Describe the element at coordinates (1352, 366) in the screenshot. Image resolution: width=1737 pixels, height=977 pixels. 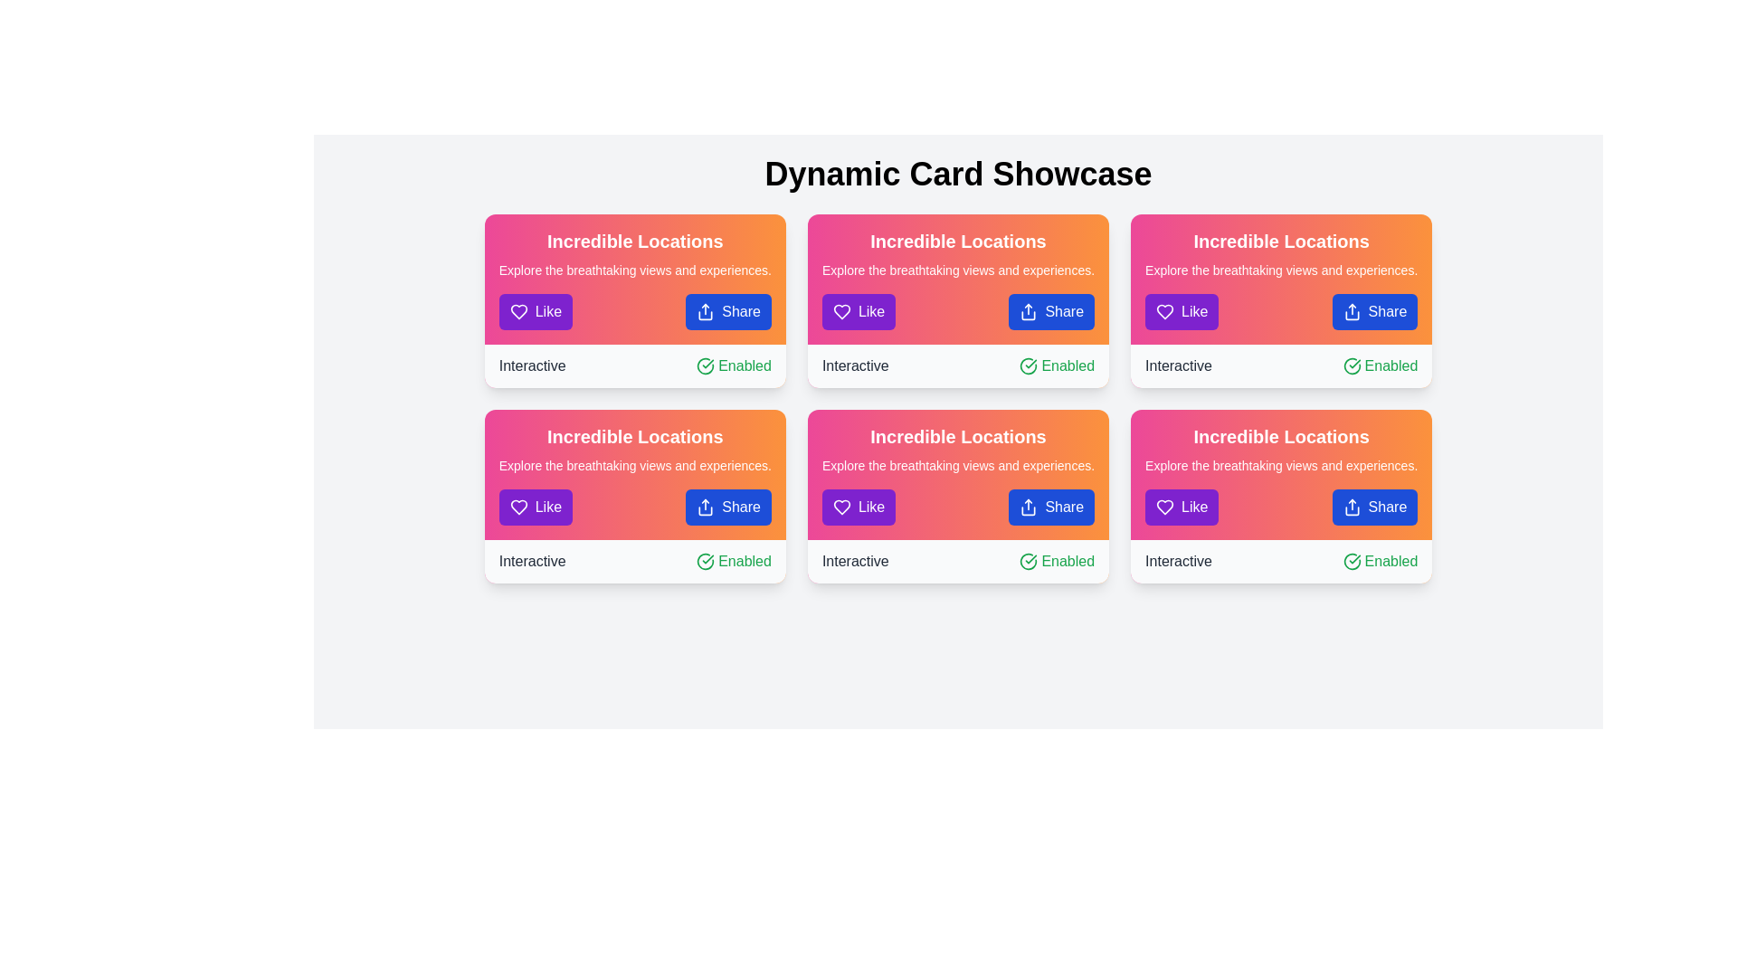
I see `the 'Enabled' status icon located in the bottom-right corner of the card, which signifies an active state` at that location.